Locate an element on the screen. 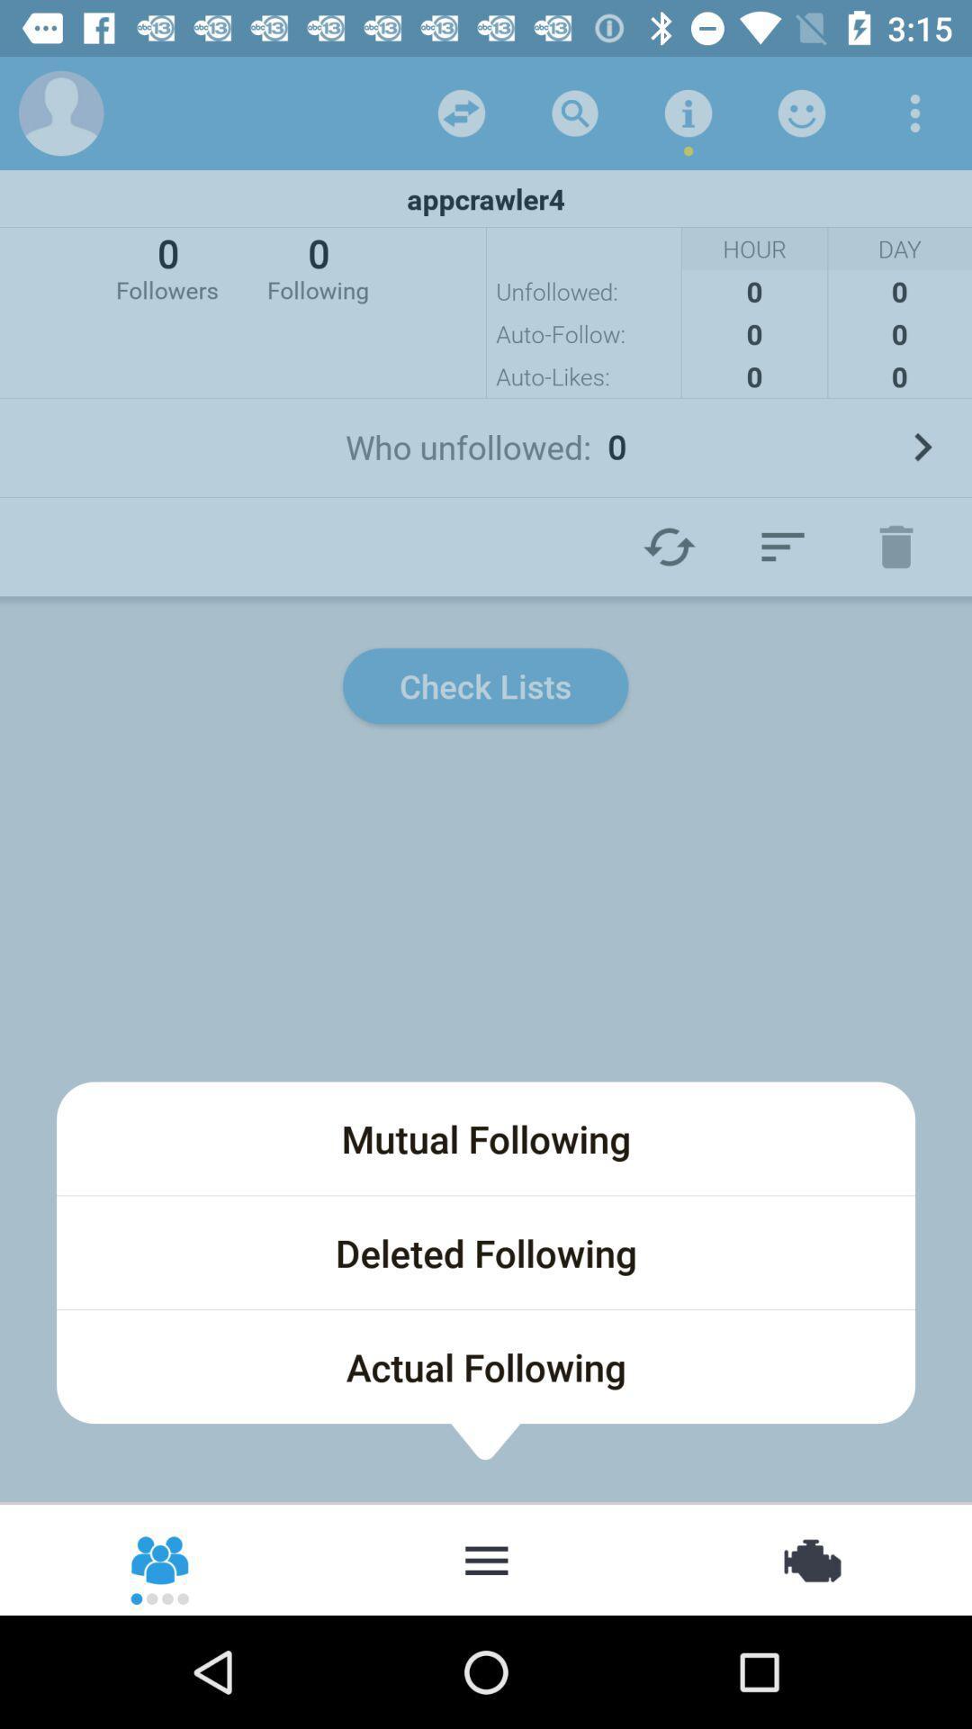 The image size is (972, 1729). the more icon is located at coordinates (486, 1558).